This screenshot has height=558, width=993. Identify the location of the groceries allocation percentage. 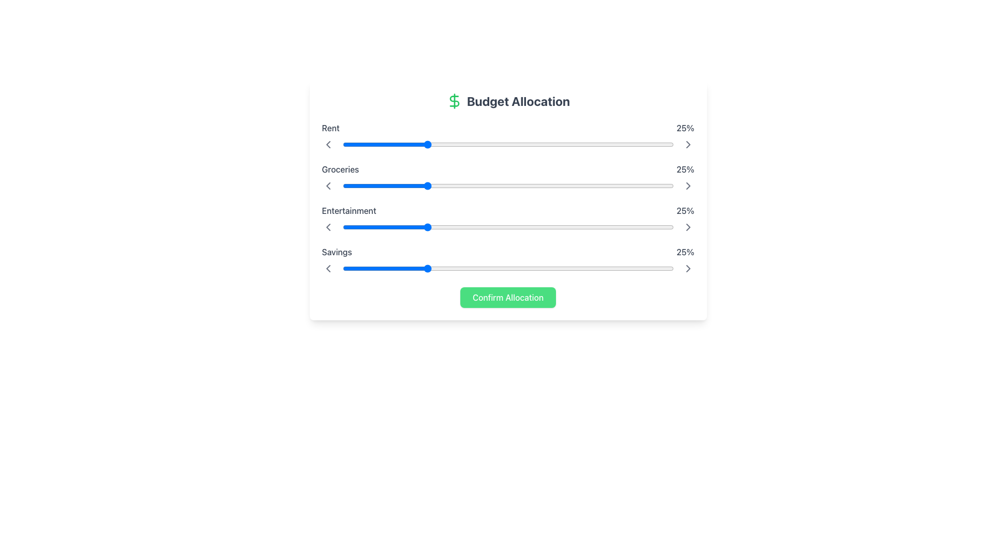
(435, 185).